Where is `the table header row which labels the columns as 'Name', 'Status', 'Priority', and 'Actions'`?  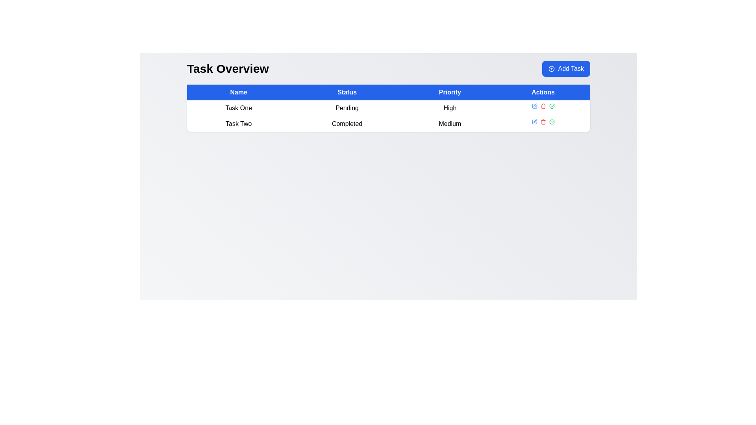 the table header row which labels the columns as 'Name', 'Status', 'Priority', and 'Actions' is located at coordinates (389, 92).